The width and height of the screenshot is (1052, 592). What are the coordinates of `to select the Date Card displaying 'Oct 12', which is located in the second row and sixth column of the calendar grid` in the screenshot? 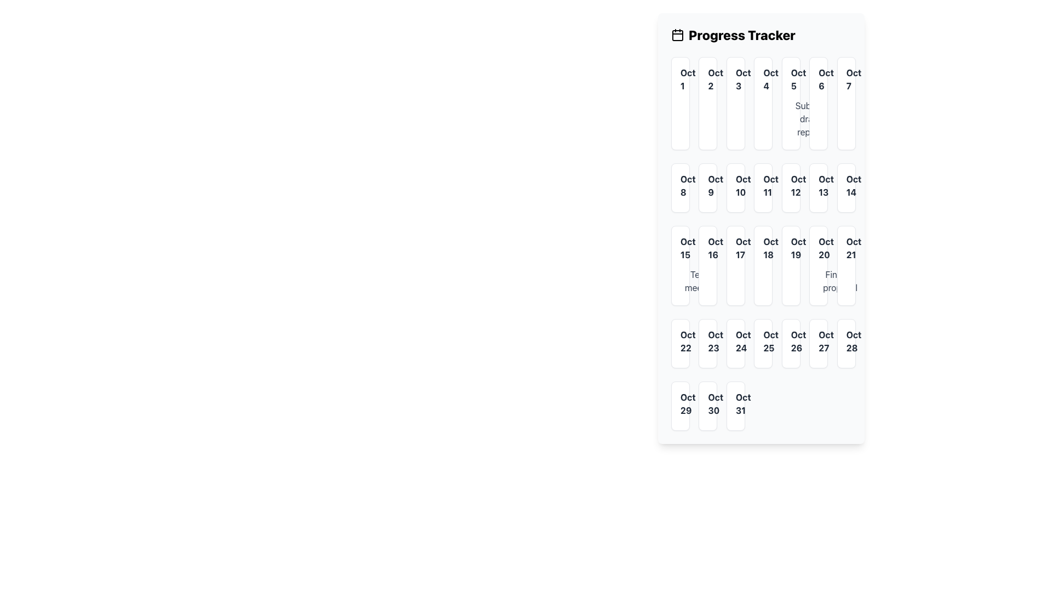 It's located at (791, 187).